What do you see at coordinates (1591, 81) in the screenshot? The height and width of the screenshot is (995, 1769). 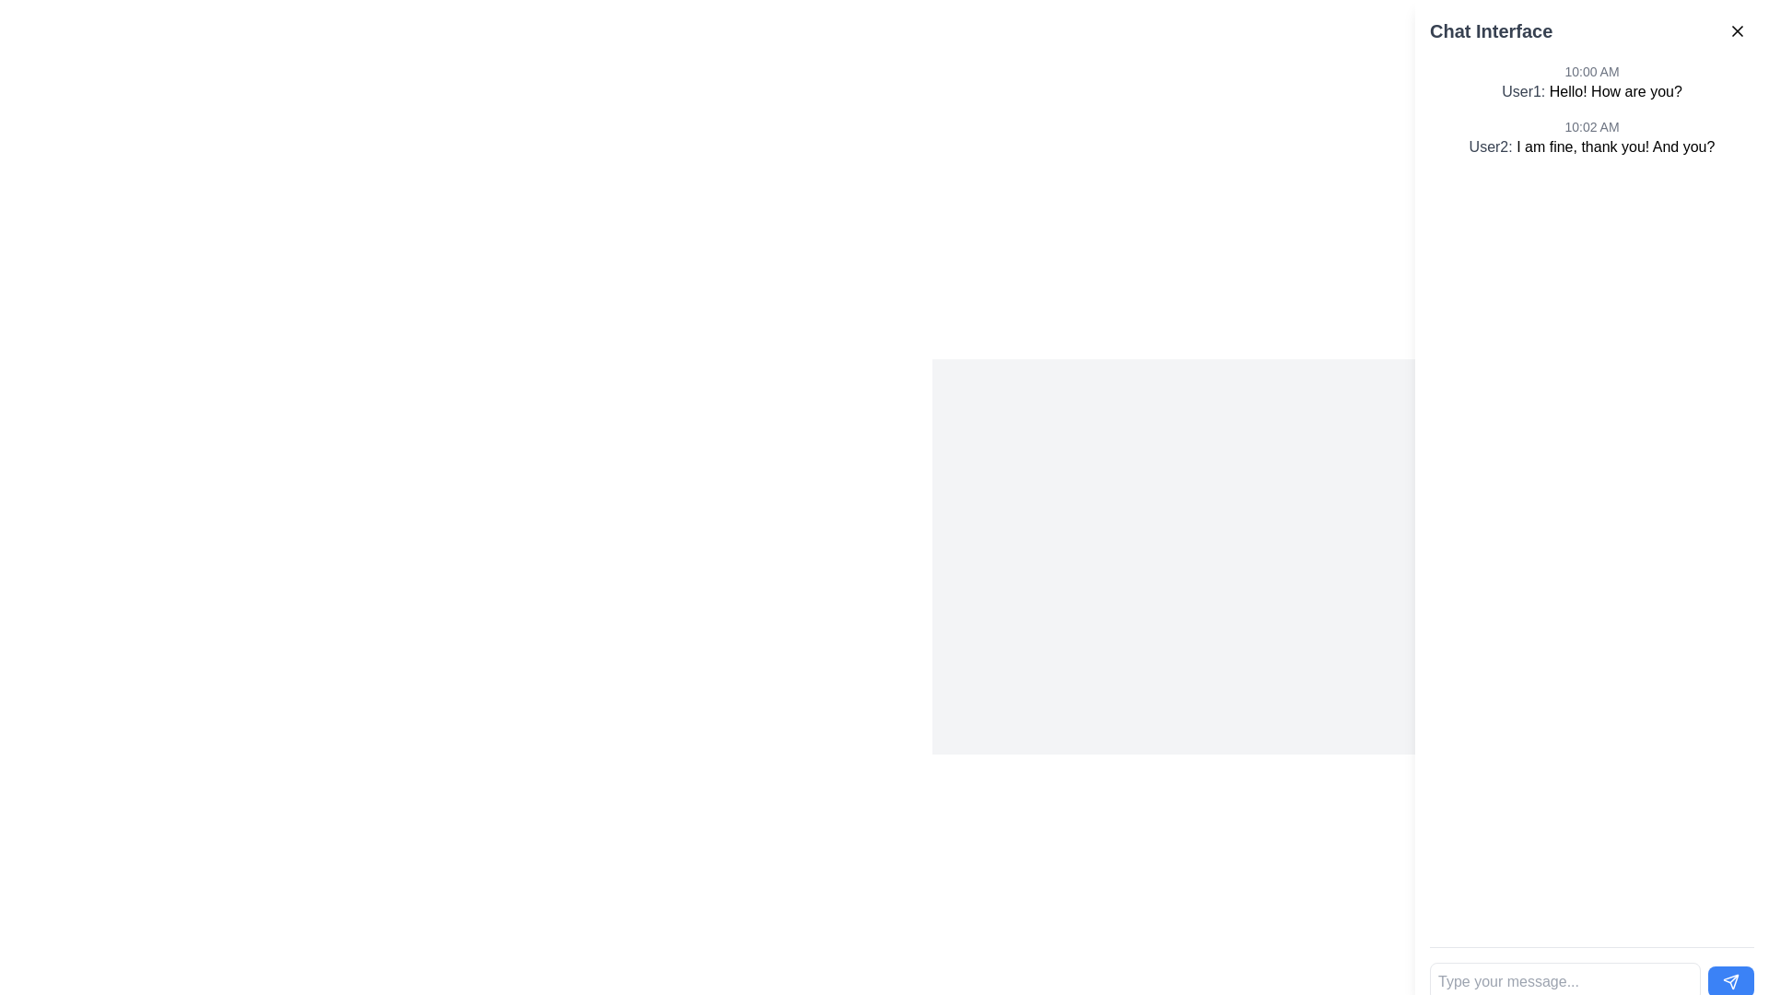 I see `the first chat message entry in the chat history interface, which displays the timestamp, sender's identification, and message content` at bounding box center [1591, 81].